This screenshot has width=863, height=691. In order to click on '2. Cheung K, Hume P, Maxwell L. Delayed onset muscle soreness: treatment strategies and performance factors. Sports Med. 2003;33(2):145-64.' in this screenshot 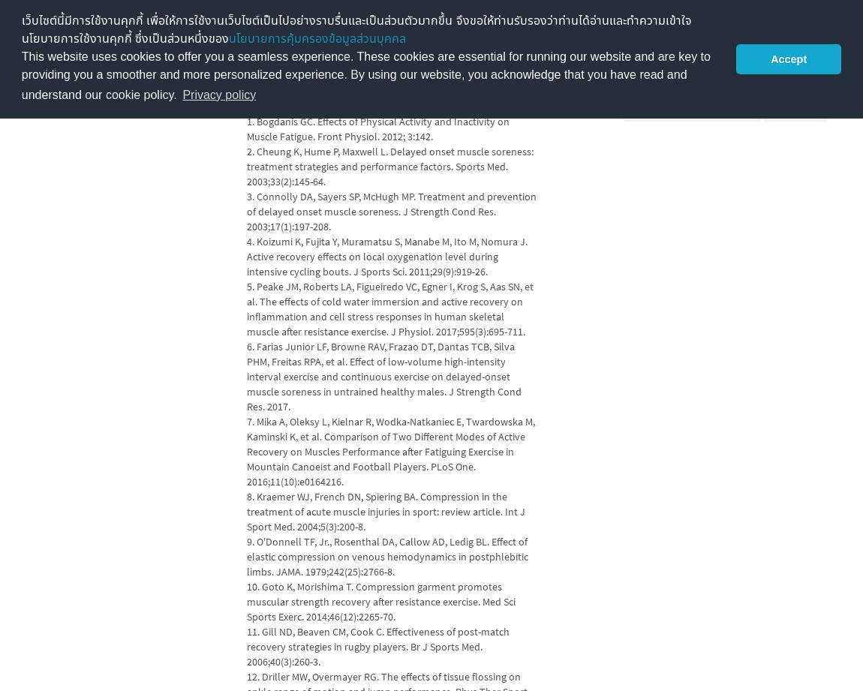, I will do `click(389, 165)`.